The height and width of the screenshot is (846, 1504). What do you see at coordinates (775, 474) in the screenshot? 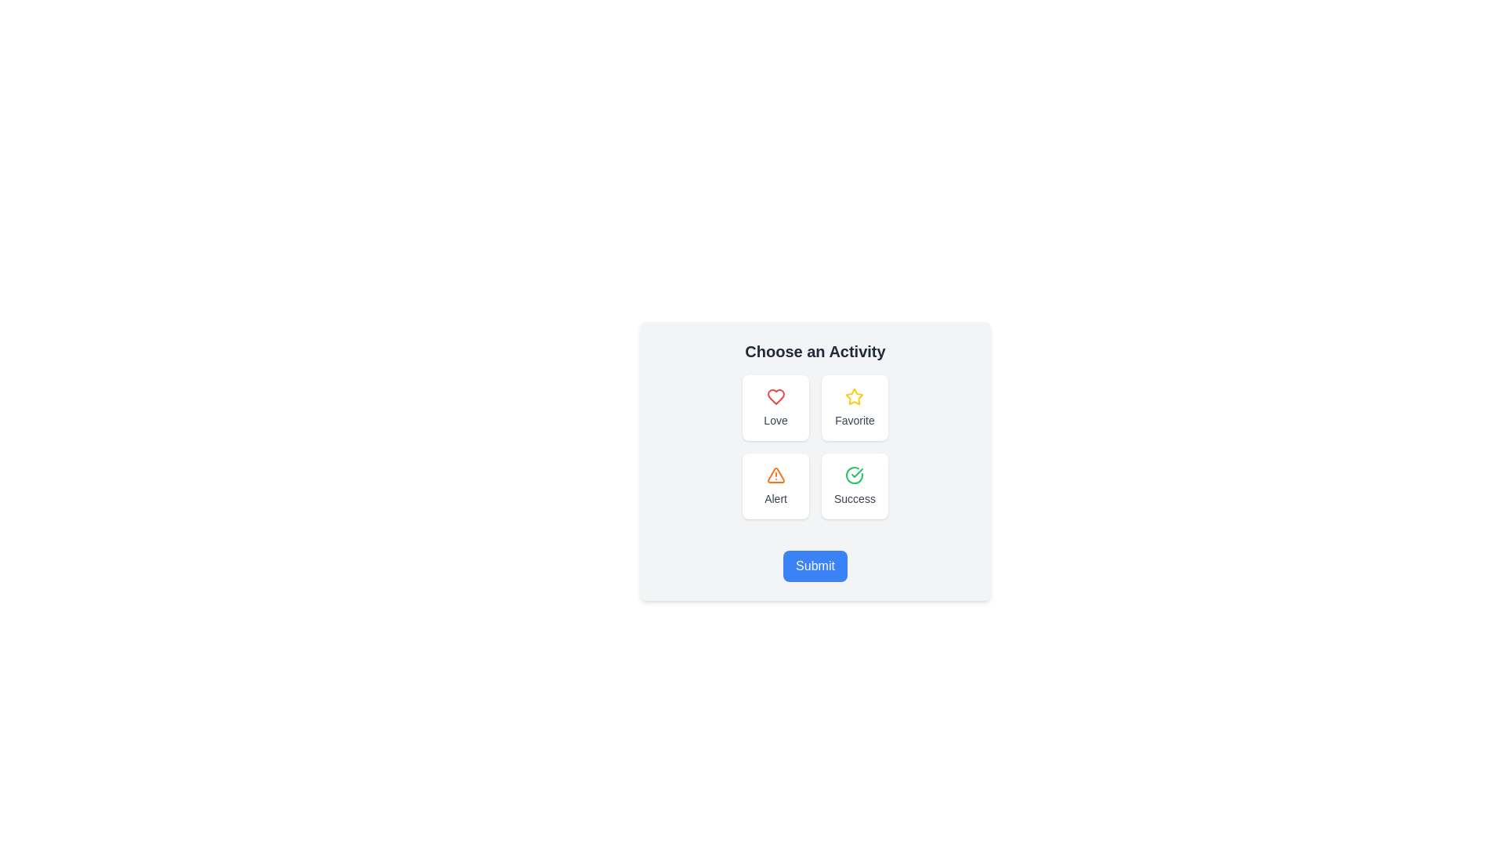
I see `the orange-yellow alert icon located at the top-center of the 'Alert' option, directly above the text 'Alert'` at bounding box center [775, 474].